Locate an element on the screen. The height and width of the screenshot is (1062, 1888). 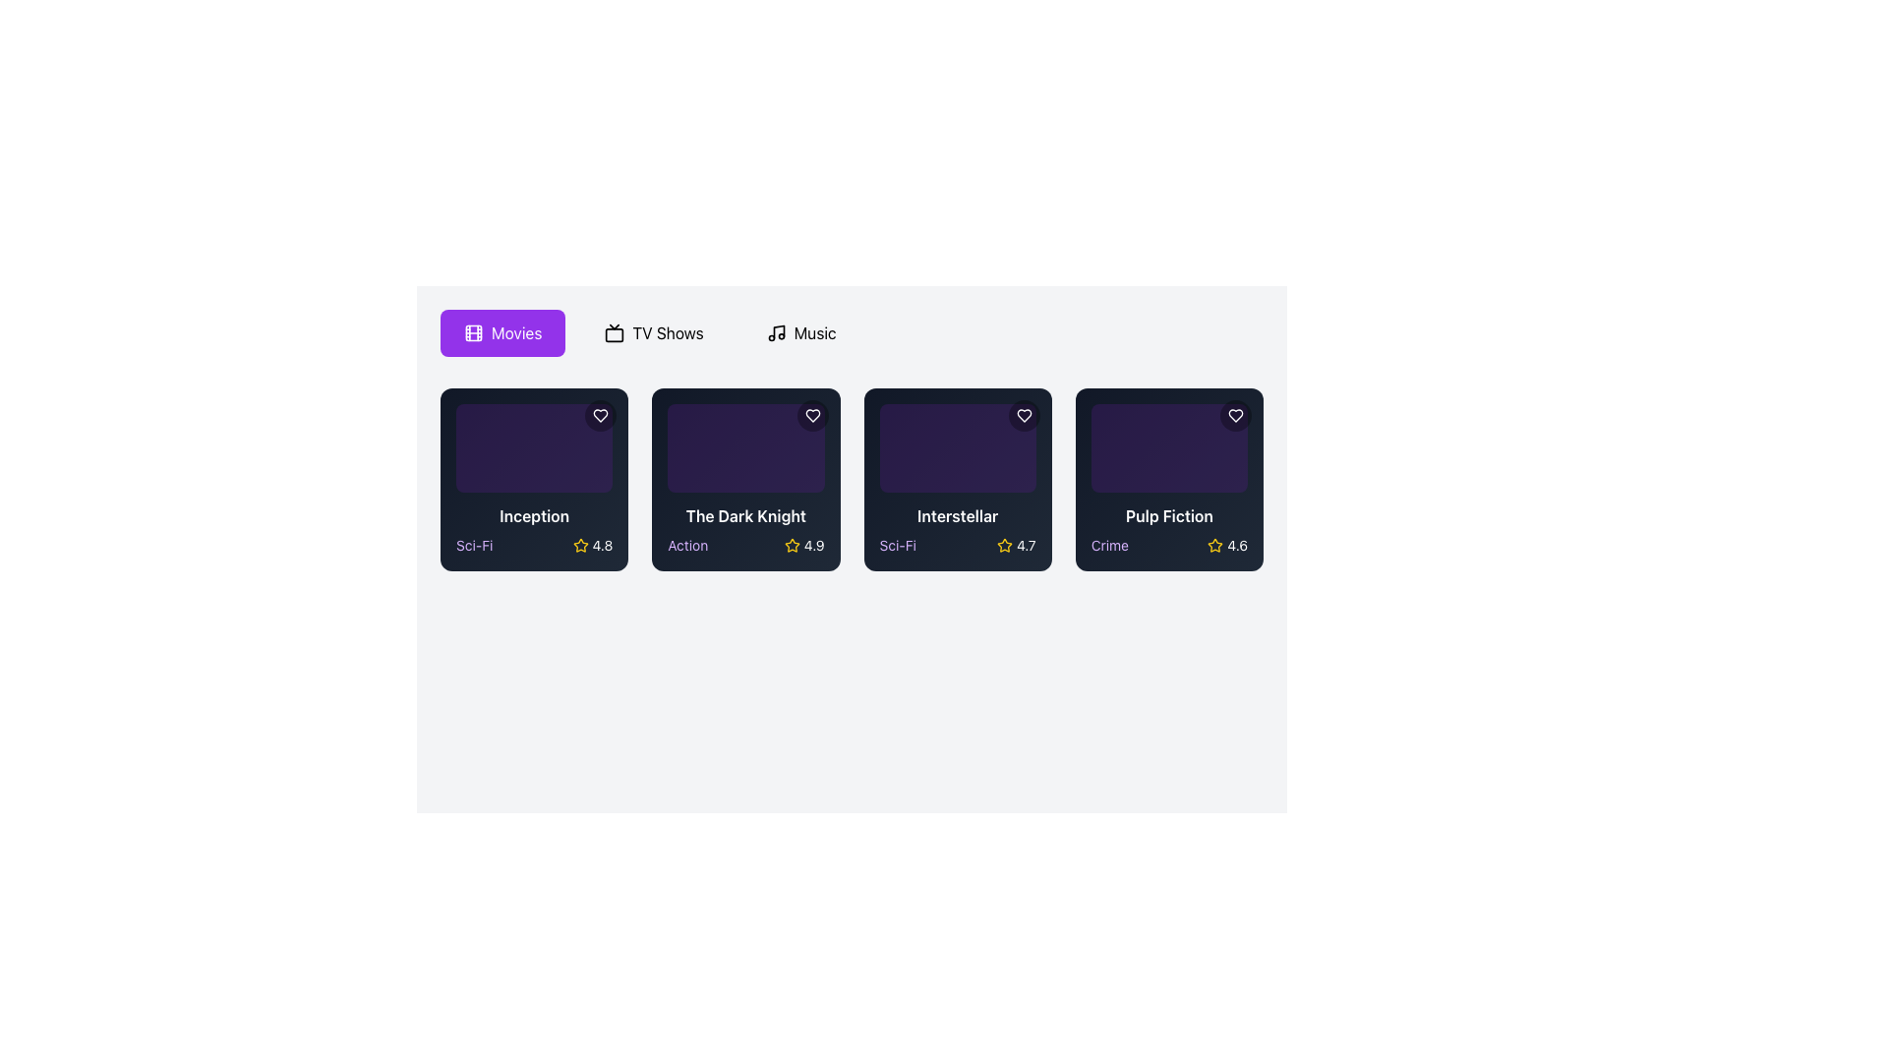
the star icon representing the rating for 'Pulp Fiction', located in the bottom right of the card, which shows a numerical rating of '4.6' is located at coordinates (1214, 545).